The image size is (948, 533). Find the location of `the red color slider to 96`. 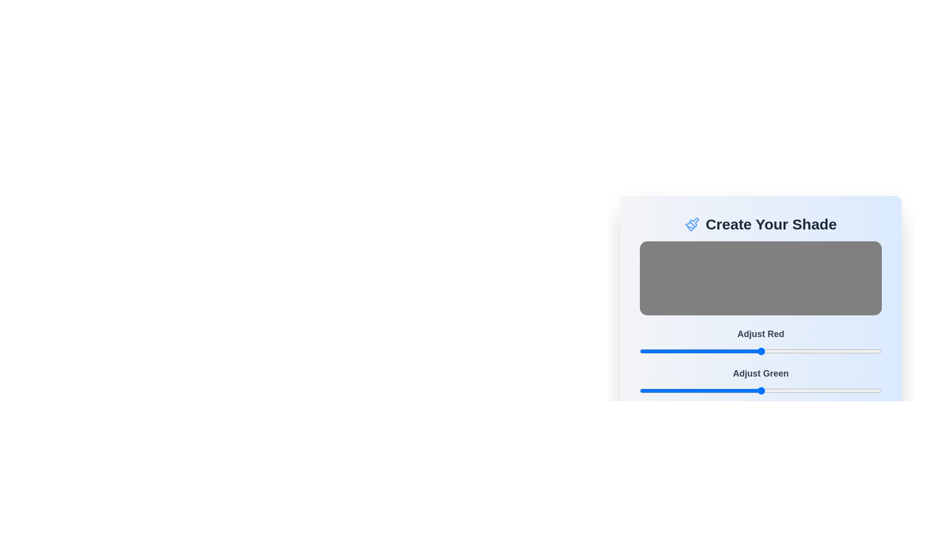

the red color slider to 96 is located at coordinates (731, 351).